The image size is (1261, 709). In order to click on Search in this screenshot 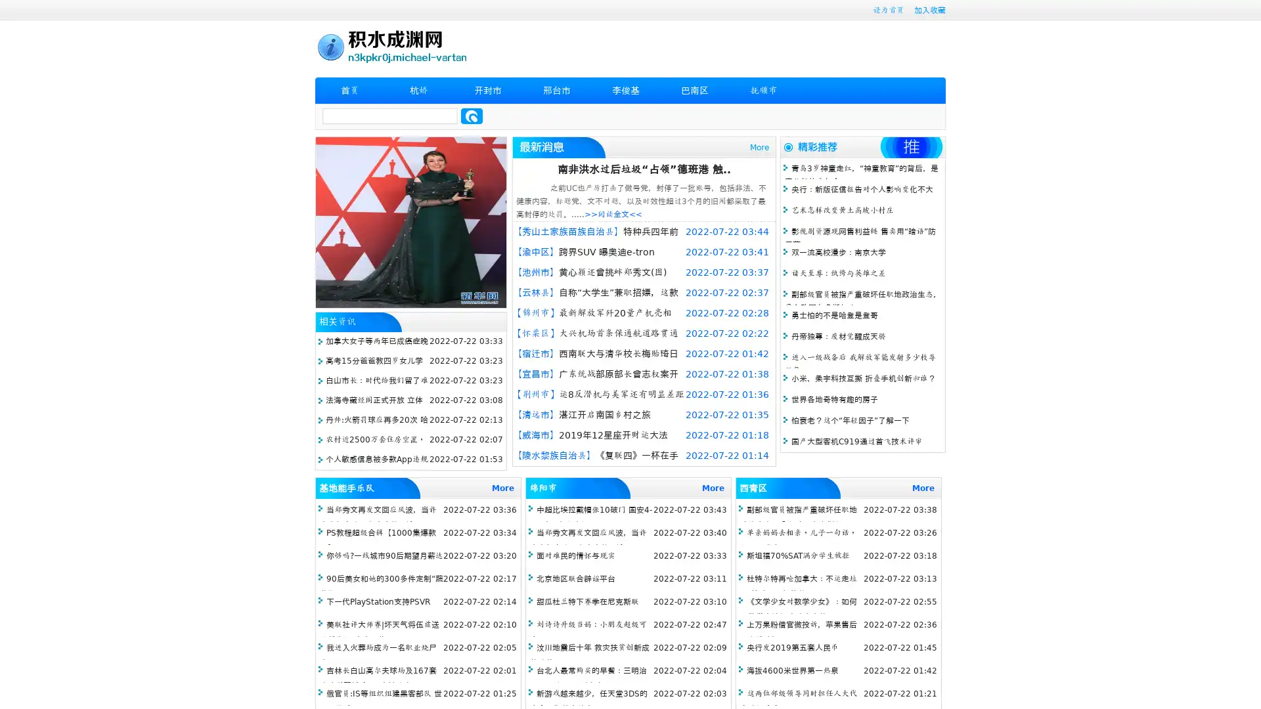, I will do `click(472, 116)`.